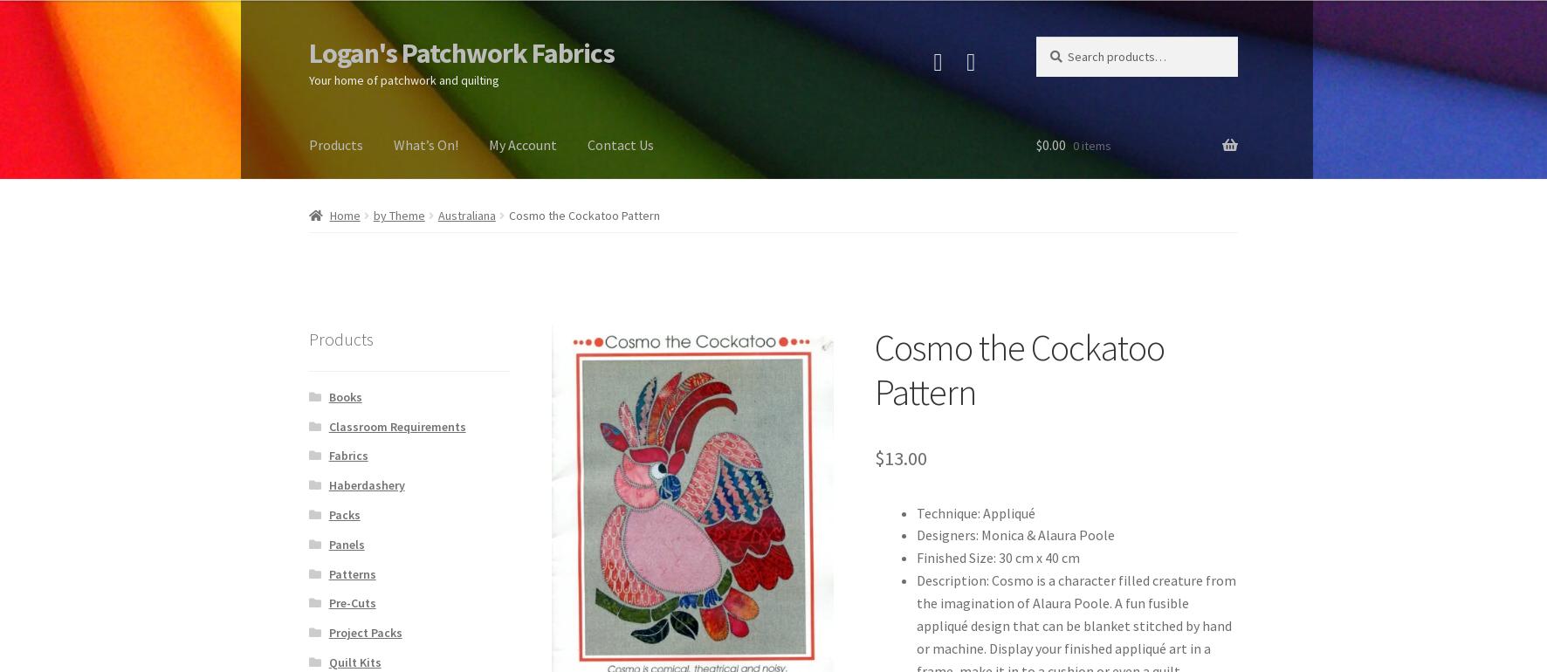 This screenshot has width=1547, height=672. Describe the element at coordinates (365, 633) in the screenshot. I see `'Project Packs'` at that location.